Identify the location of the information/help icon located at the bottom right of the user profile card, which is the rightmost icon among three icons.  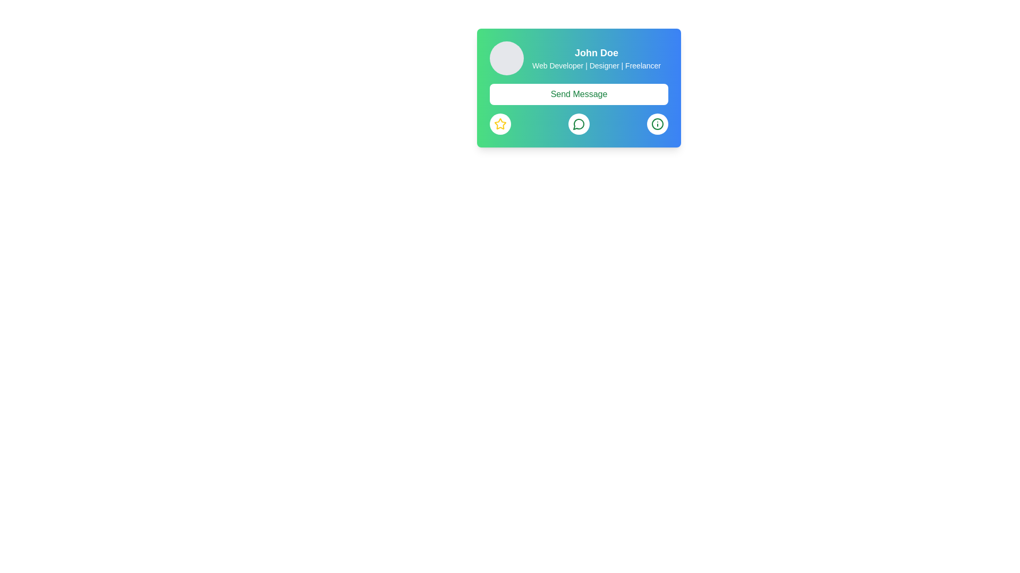
(657, 124).